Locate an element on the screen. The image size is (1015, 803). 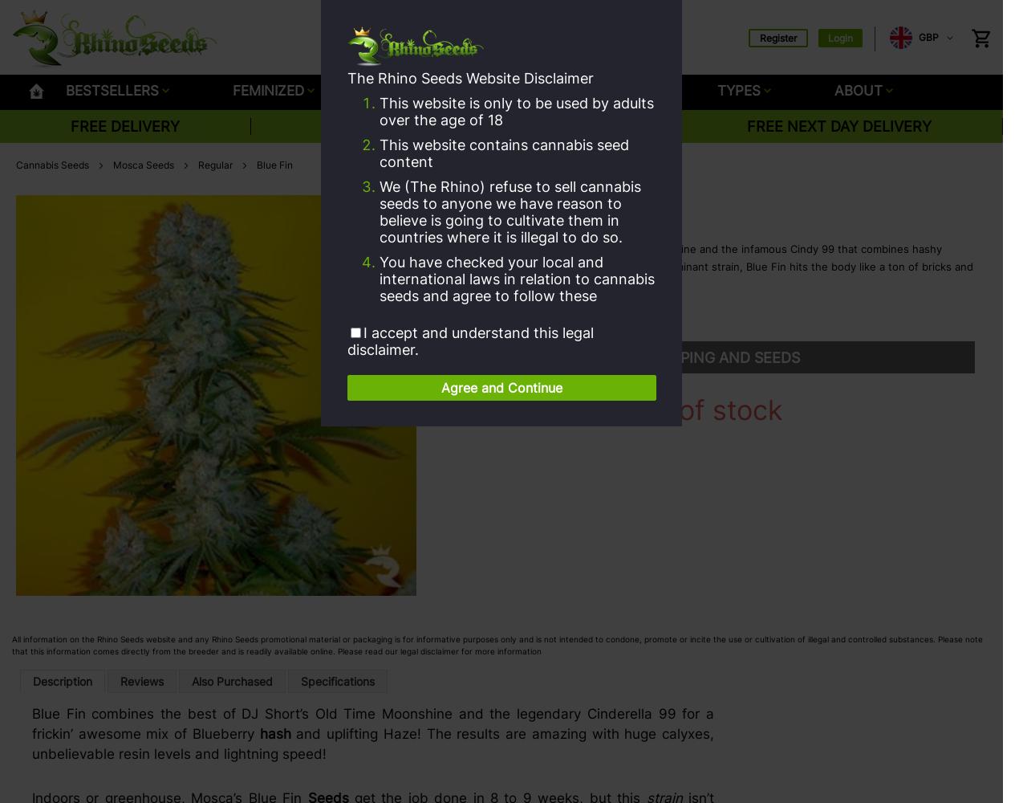
'GBP' is located at coordinates (928, 37).